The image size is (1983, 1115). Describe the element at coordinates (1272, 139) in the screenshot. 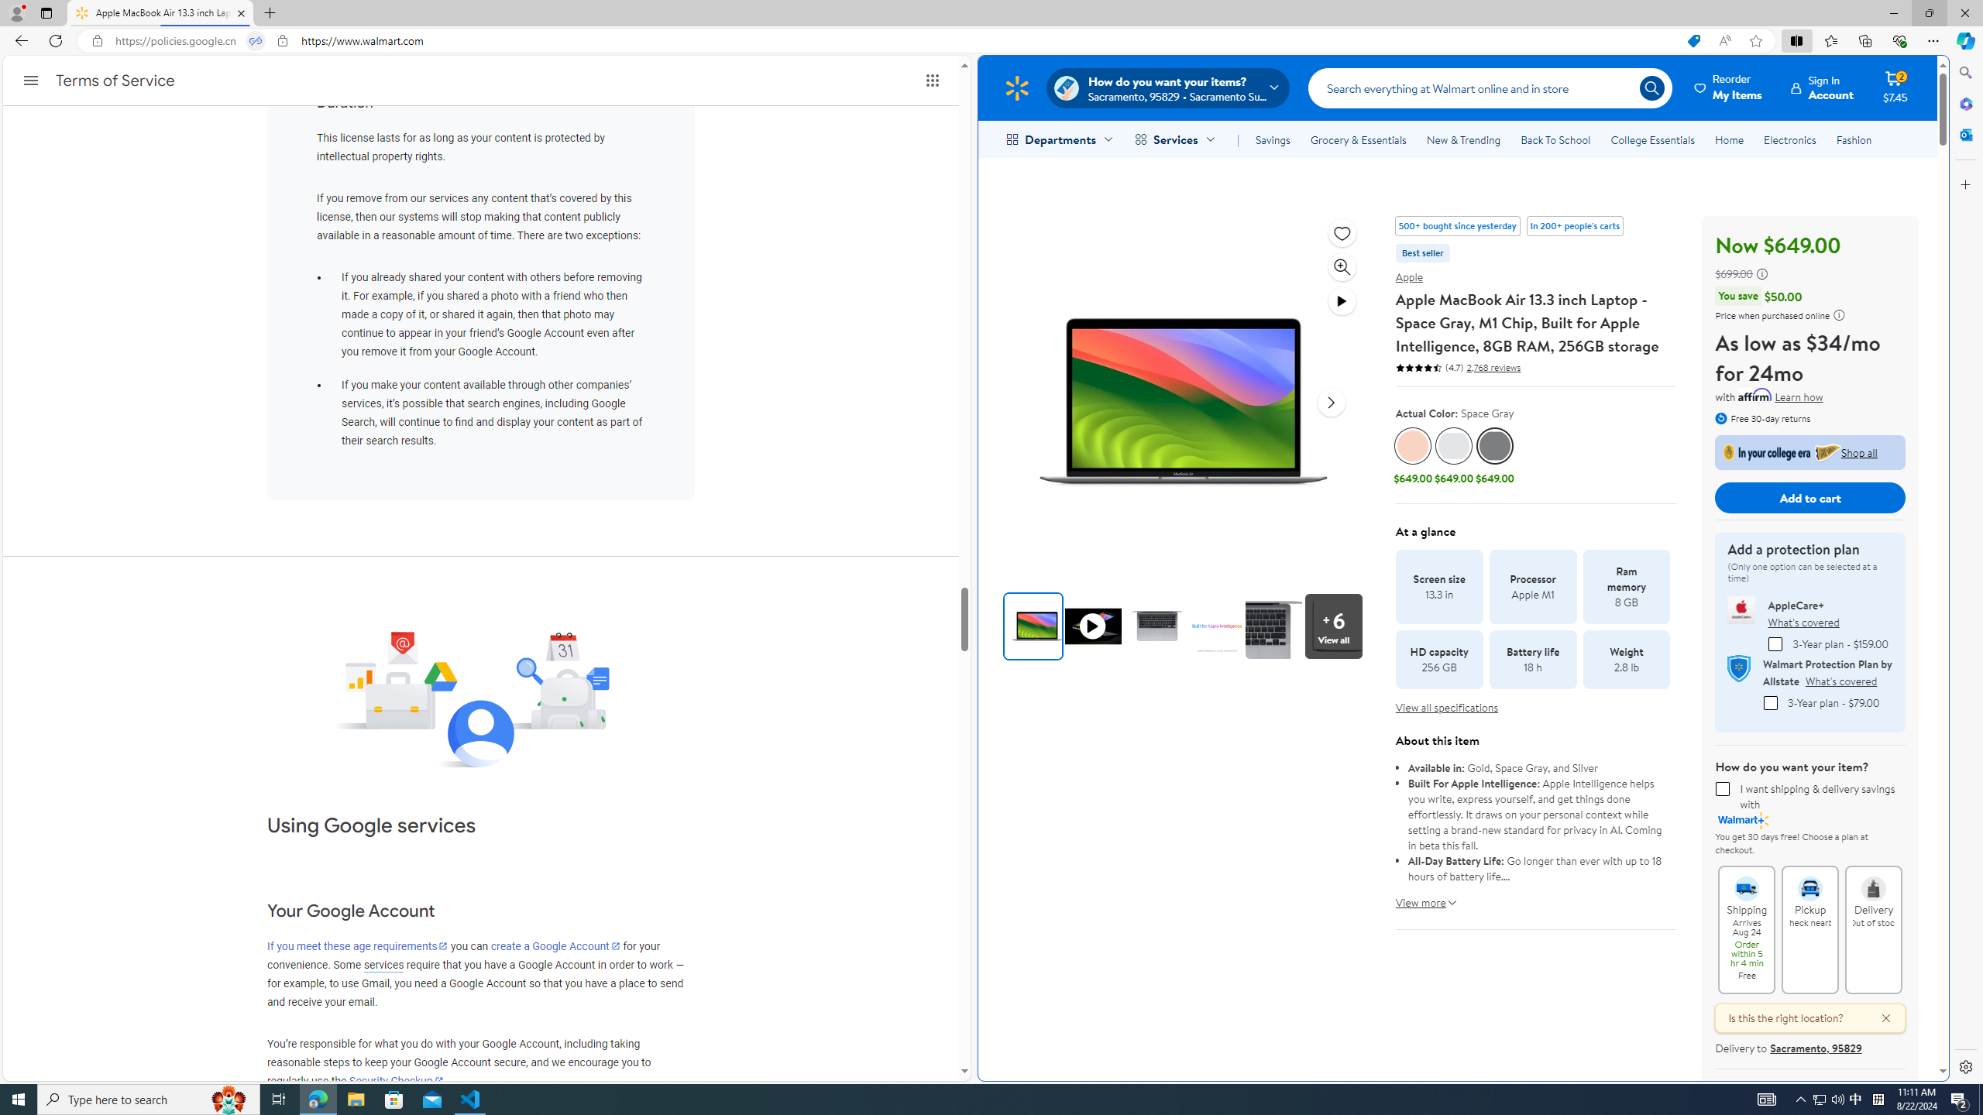

I see `'Savings'` at that location.